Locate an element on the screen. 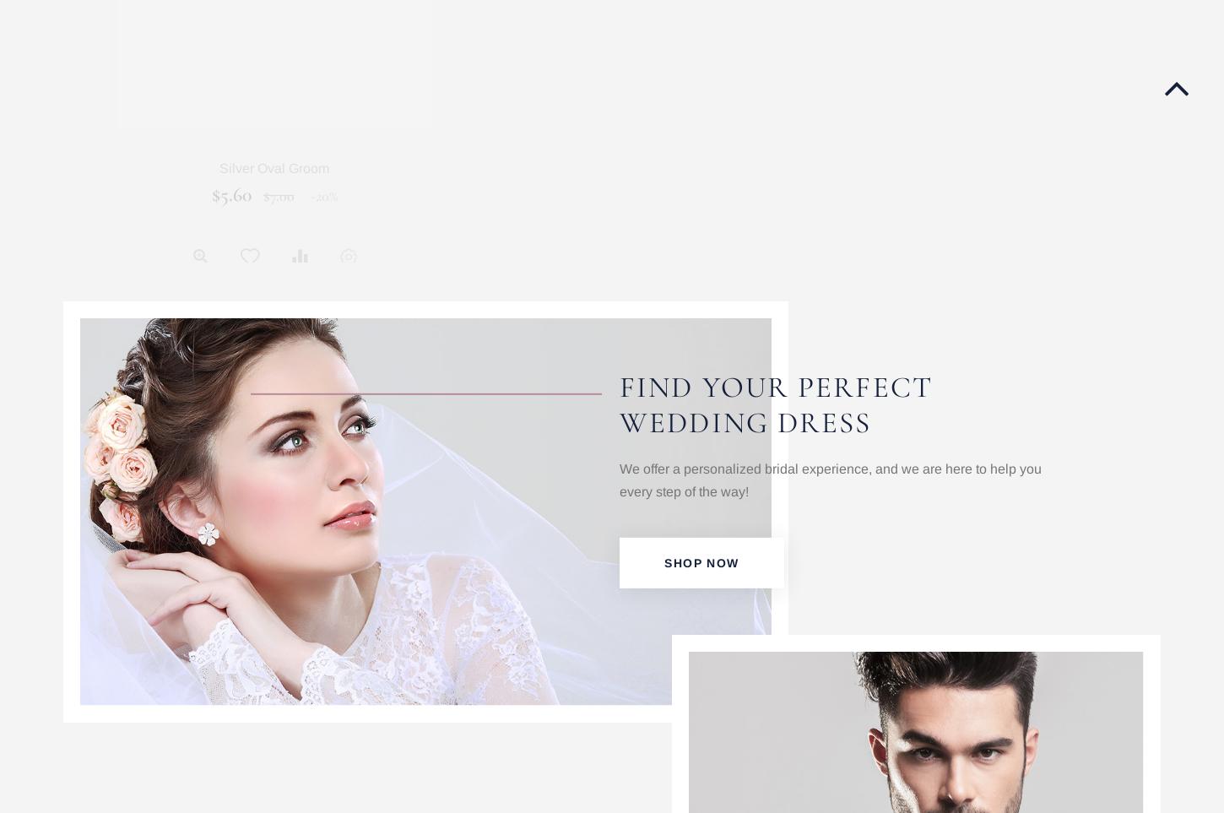 The width and height of the screenshot is (1224, 813). '$5.60' is located at coordinates (230, 193).